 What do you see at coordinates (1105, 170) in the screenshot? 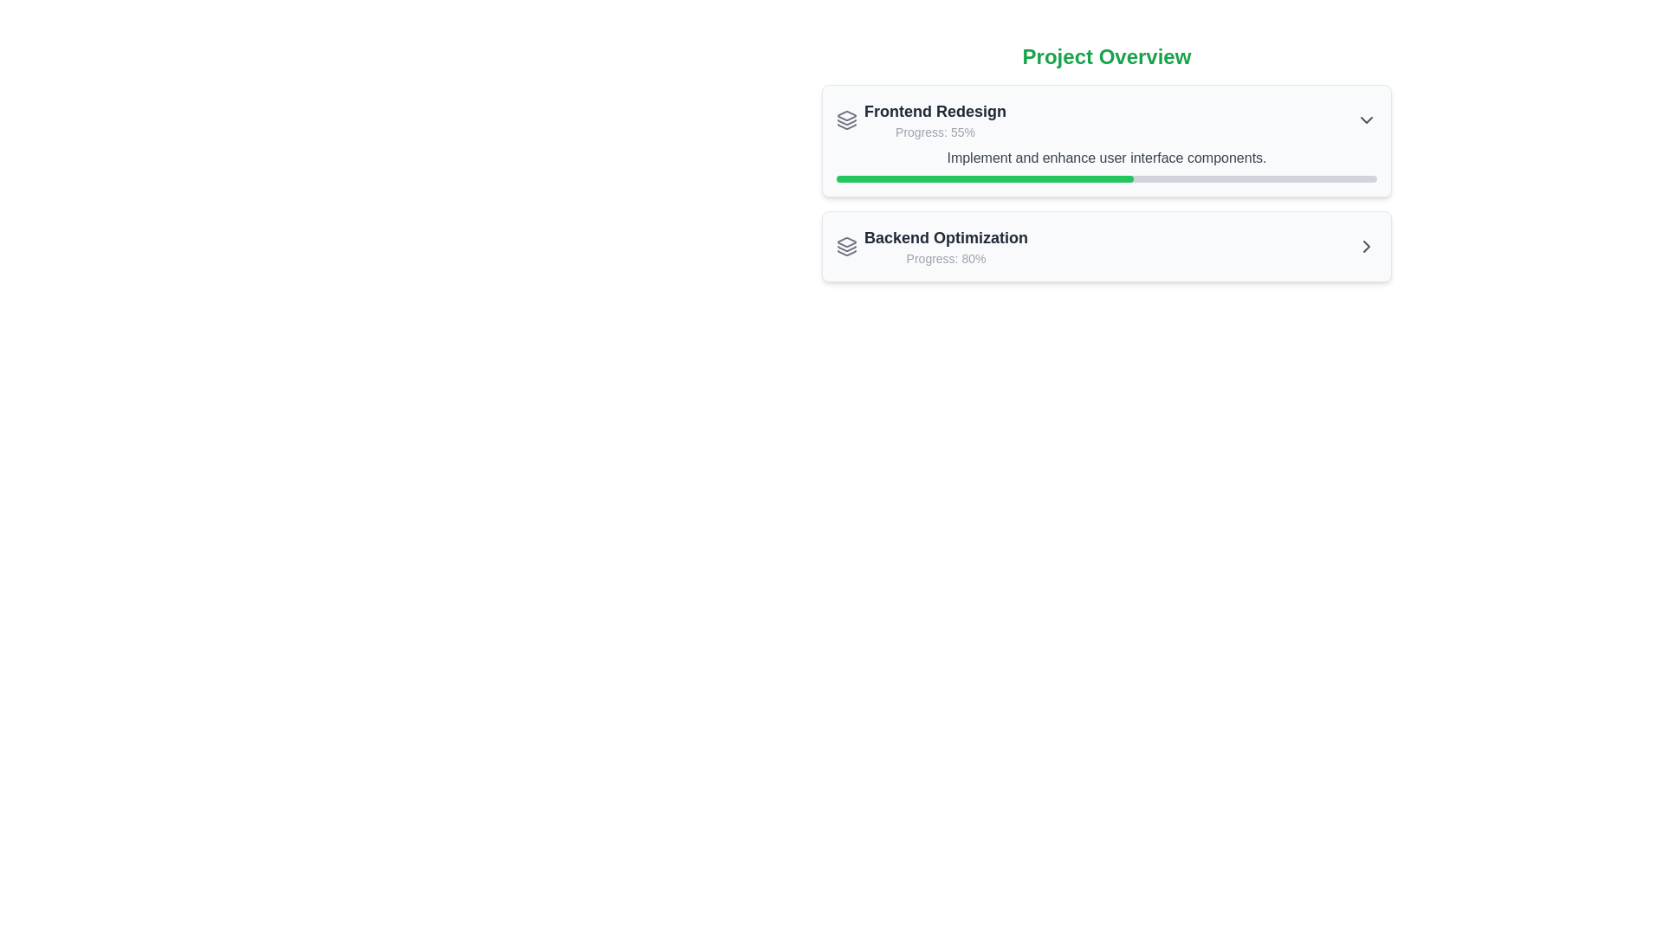
I see `title and descriptions of the Section with nested panels that provides progress overview for 'Frontend Redesign' and 'Backend Optimization'` at bounding box center [1105, 170].